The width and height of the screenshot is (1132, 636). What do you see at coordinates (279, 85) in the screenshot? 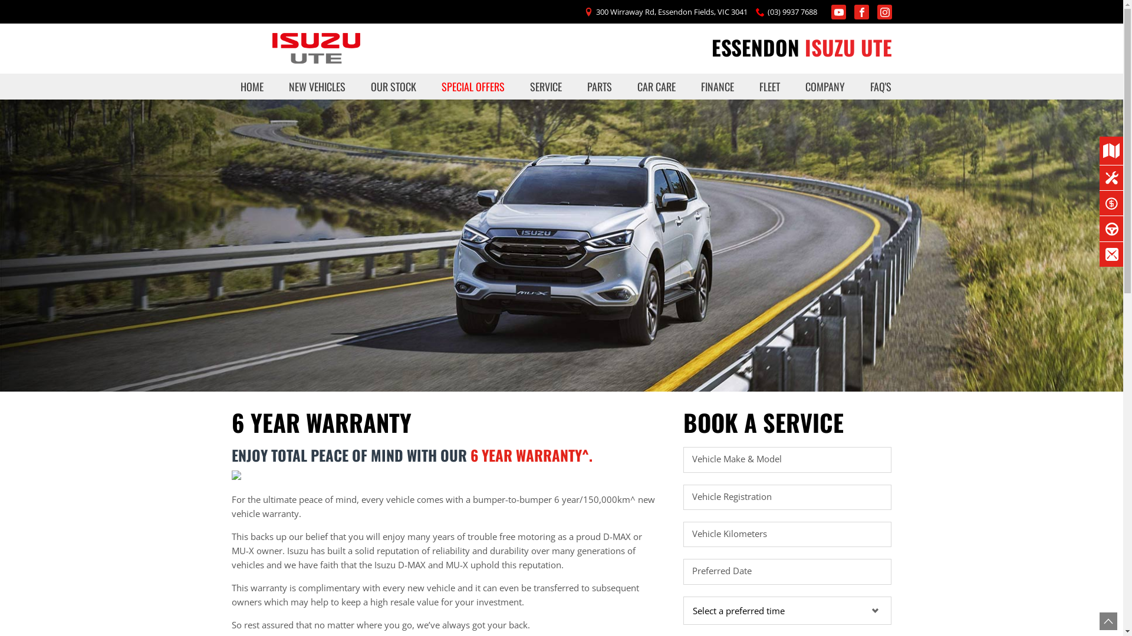
I see `'NEW VEHICLES'` at bounding box center [279, 85].